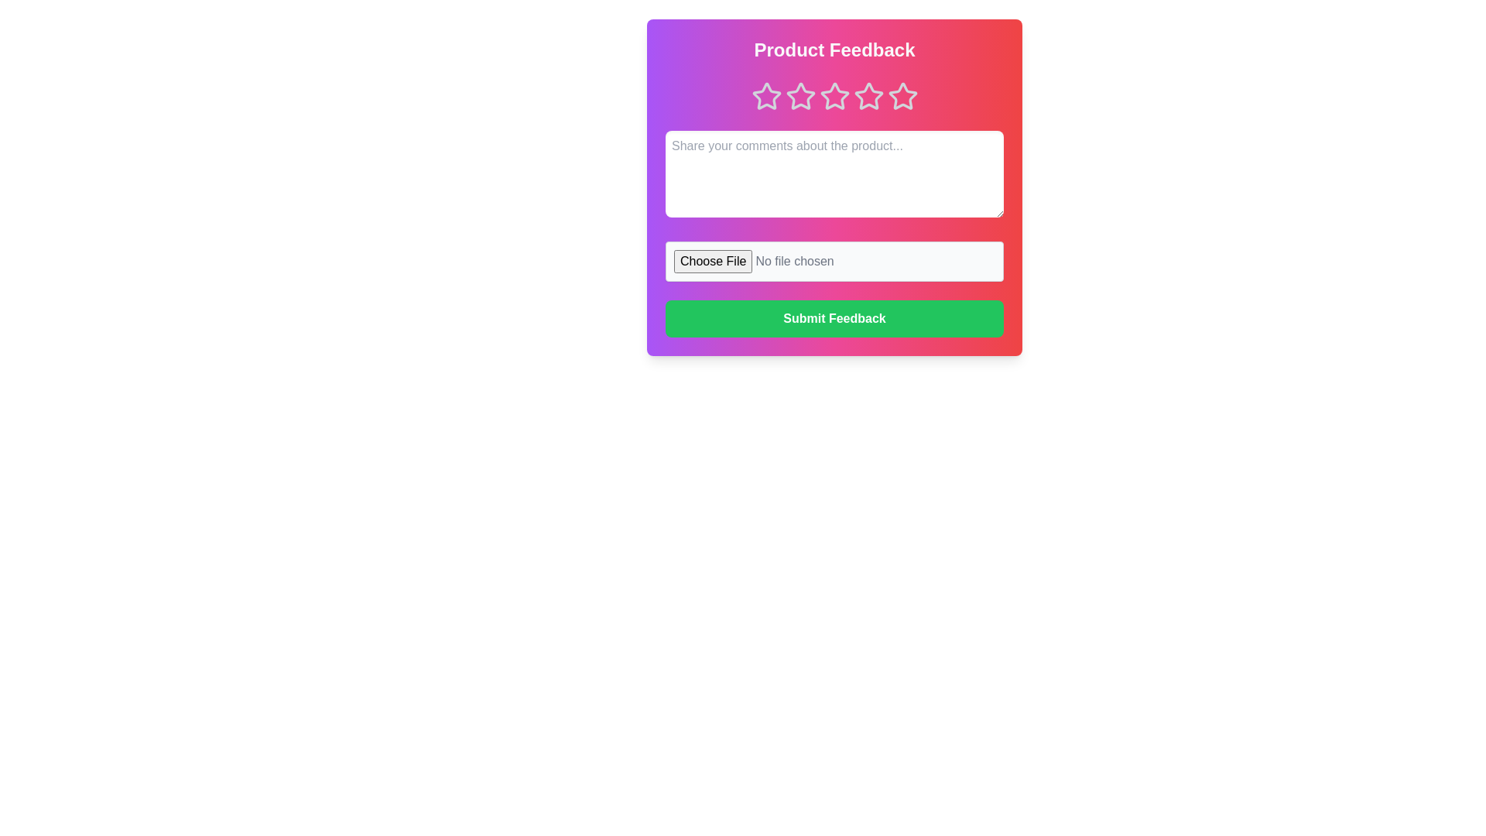  What do you see at coordinates (902, 96) in the screenshot?
I see `the fifth star icon in the horizontal row of five stars` at bounding box center [902, 96].